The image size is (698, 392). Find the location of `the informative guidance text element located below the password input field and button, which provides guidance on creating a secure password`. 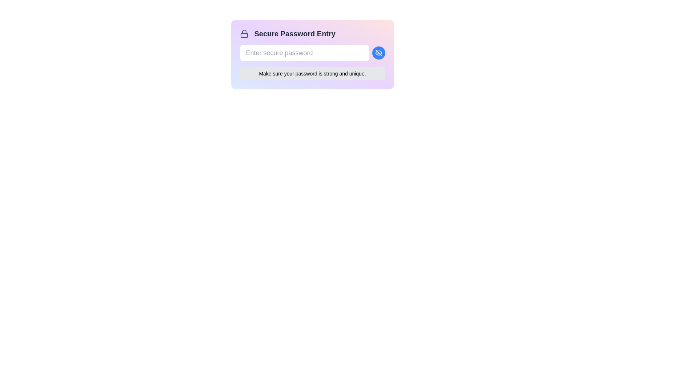

the informative guidance text element located below the password input field and button, which provides guidance on creating a secure password is located at coordinates (312, 74).